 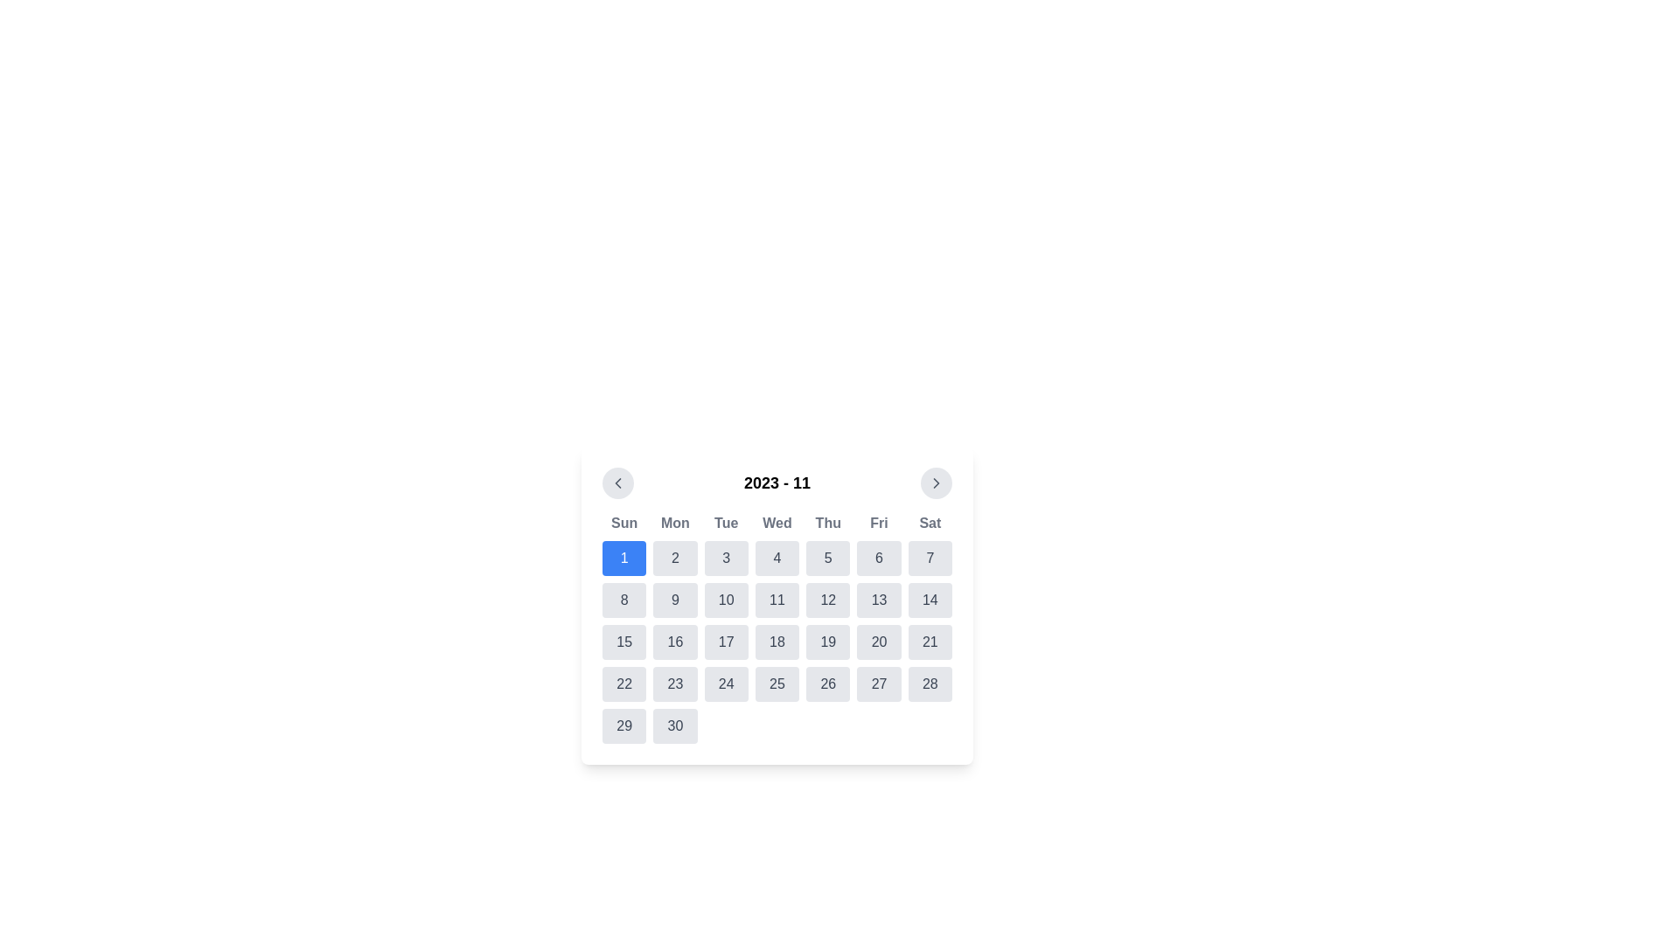 I want to click on the calendar day button displaying the number '5', so click(x=827, y=559).